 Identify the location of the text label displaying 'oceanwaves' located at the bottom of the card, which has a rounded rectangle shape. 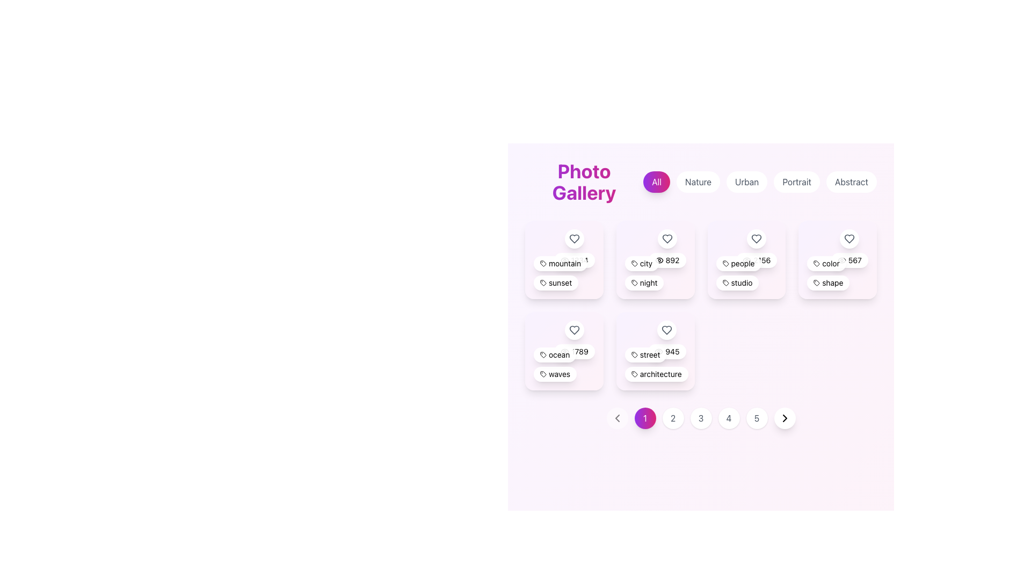
(563, 364).